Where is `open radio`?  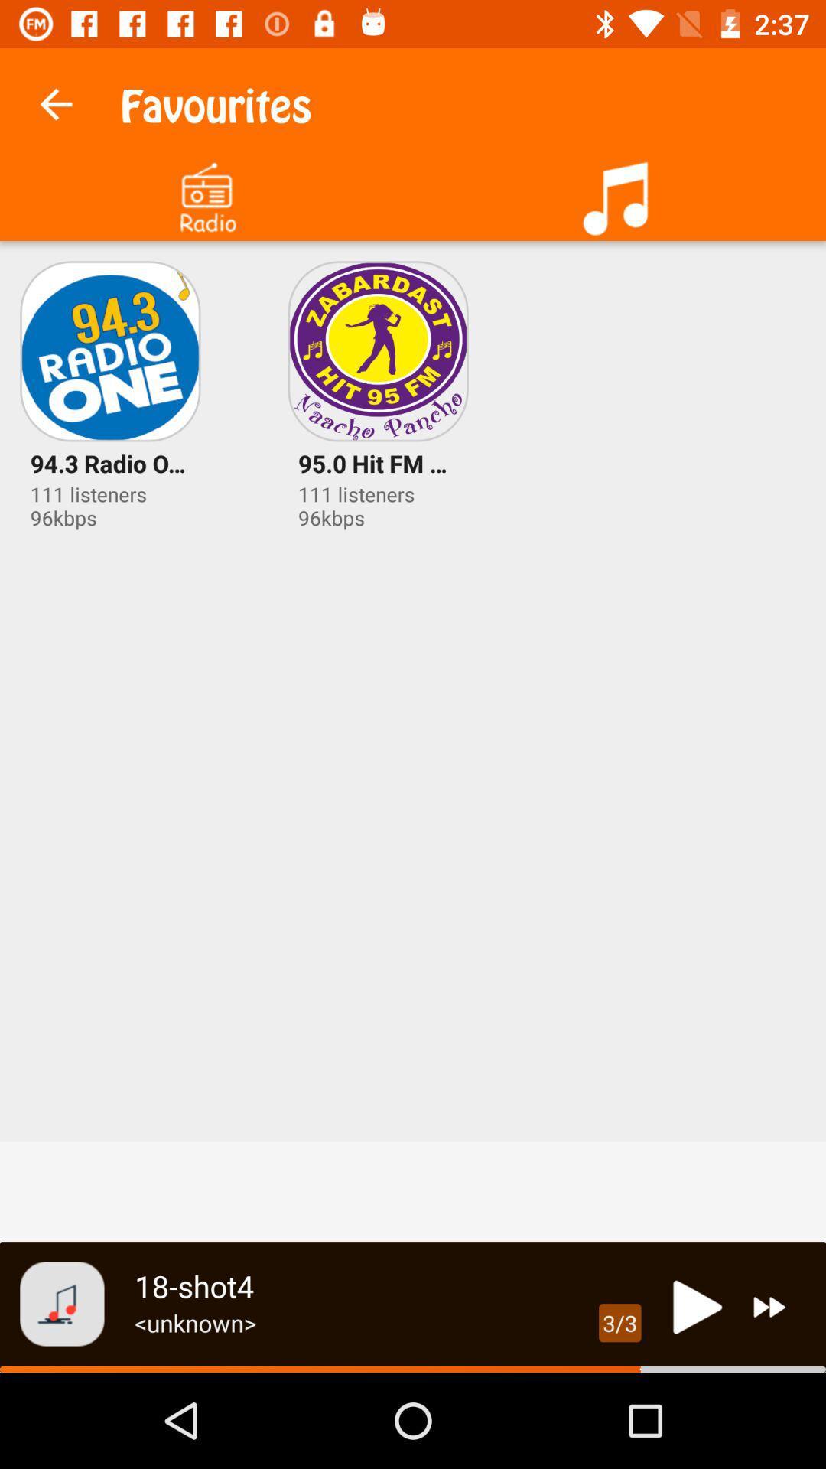
open radio is located at coordinates (206, 192).